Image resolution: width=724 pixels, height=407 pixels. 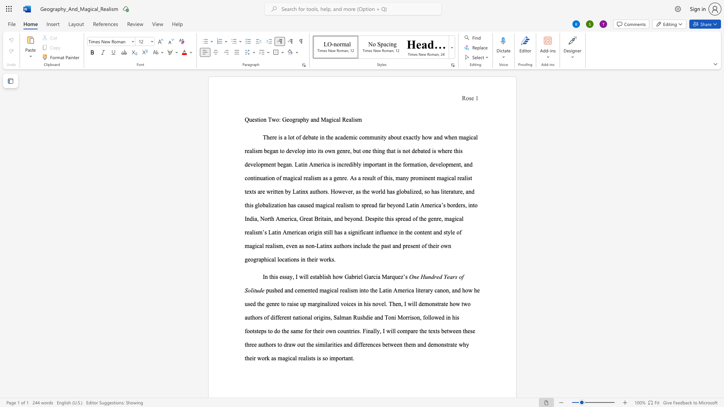 What do you see at coordinates (264, 277) in the screenshot?
I see `the 1th character "I" in the text` at bounding box center [264, 277].